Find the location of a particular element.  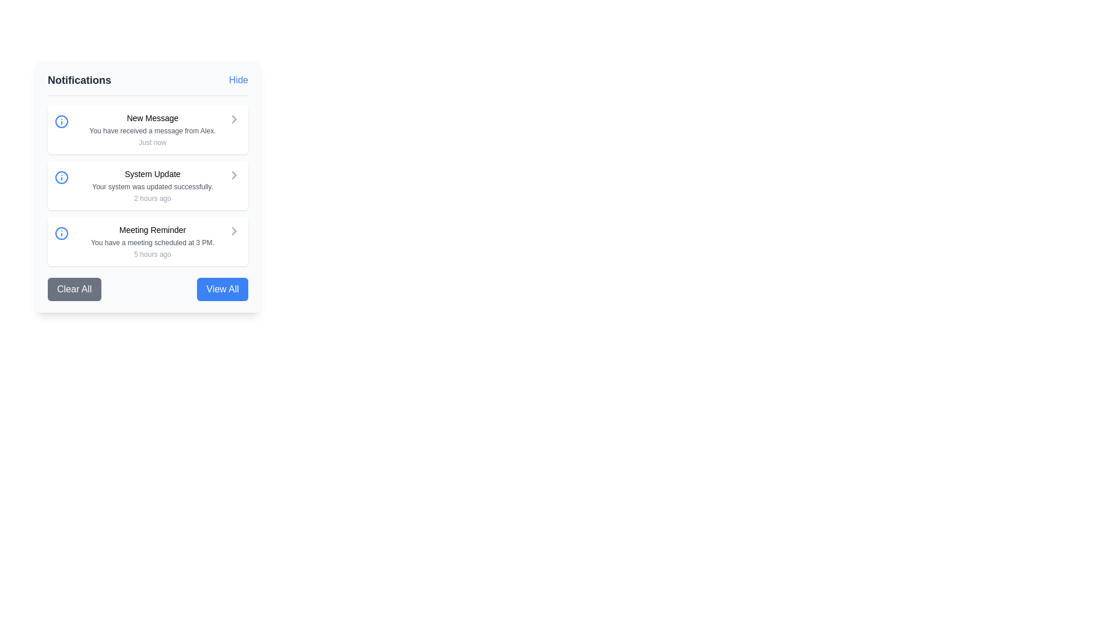

the chevron icon located at the far right of the 'System Update' notification card is located at coordinates (234, 175).